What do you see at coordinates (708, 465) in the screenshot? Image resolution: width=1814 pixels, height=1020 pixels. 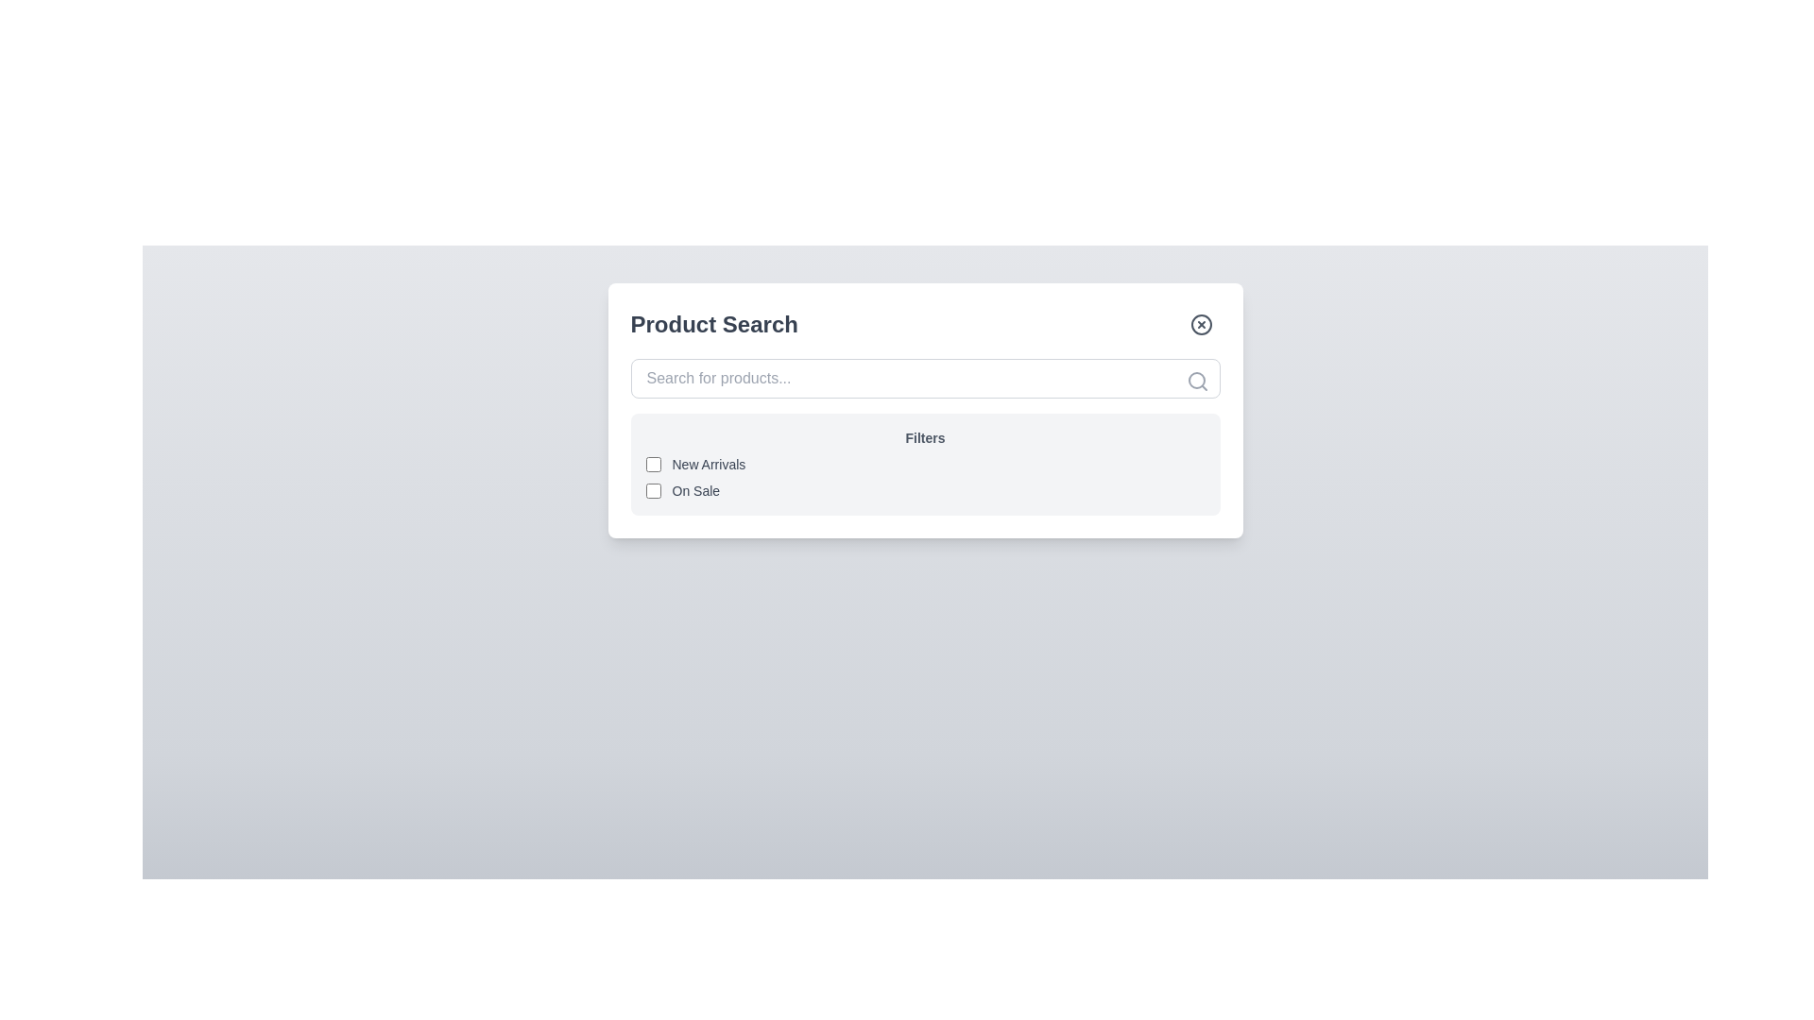 I see `the 'New Arrivals' text label located to the immediate right of the associated checkbox in the 'Filters' section` at bounding box center [708, 465].